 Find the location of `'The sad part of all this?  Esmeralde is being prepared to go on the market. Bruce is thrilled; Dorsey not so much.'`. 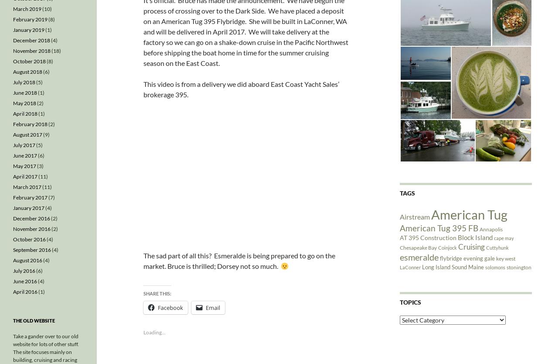

'The sad part of all this?  Esmeralde is being prepared to go on the market. Bruce is thrilled; Dorsey not so much.' is located at coordinates (143, 261).